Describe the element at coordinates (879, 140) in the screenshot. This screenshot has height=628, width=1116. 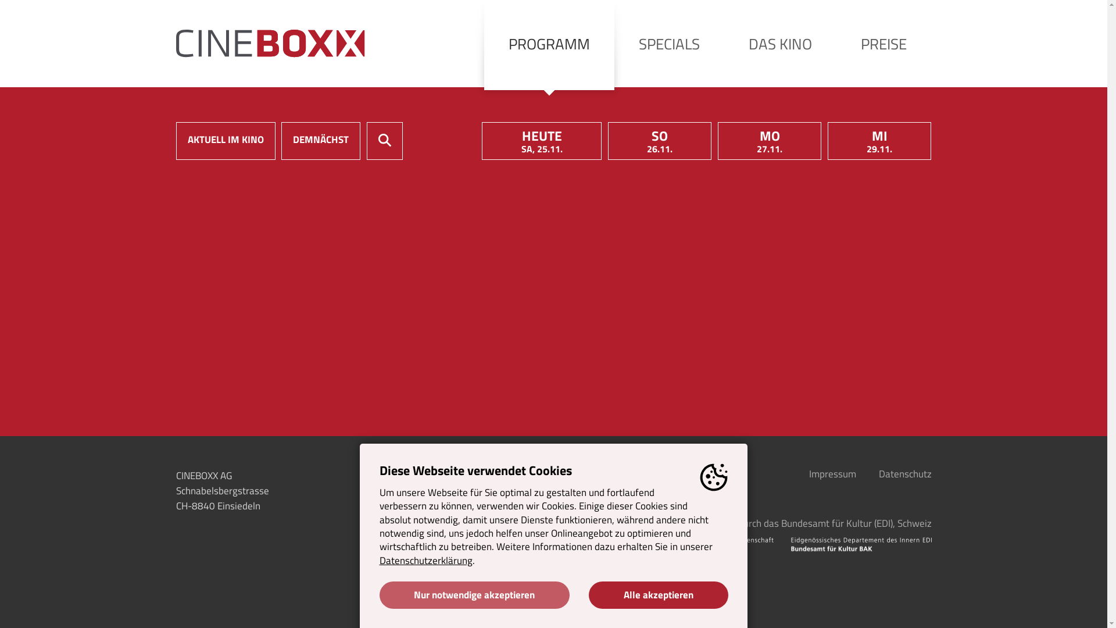
I see `'MI` at that location.